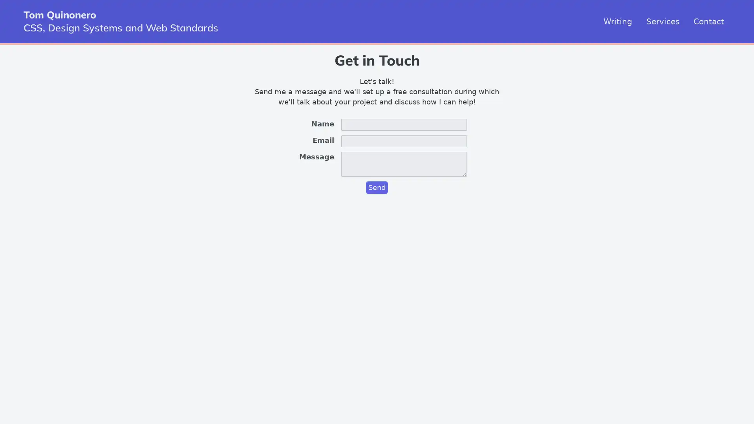 The height and width of the screenshot is (424, 754). What do you see at coordinates (377, 188) in the screenshot?
I see `Send` at bounding box center [377, 188].